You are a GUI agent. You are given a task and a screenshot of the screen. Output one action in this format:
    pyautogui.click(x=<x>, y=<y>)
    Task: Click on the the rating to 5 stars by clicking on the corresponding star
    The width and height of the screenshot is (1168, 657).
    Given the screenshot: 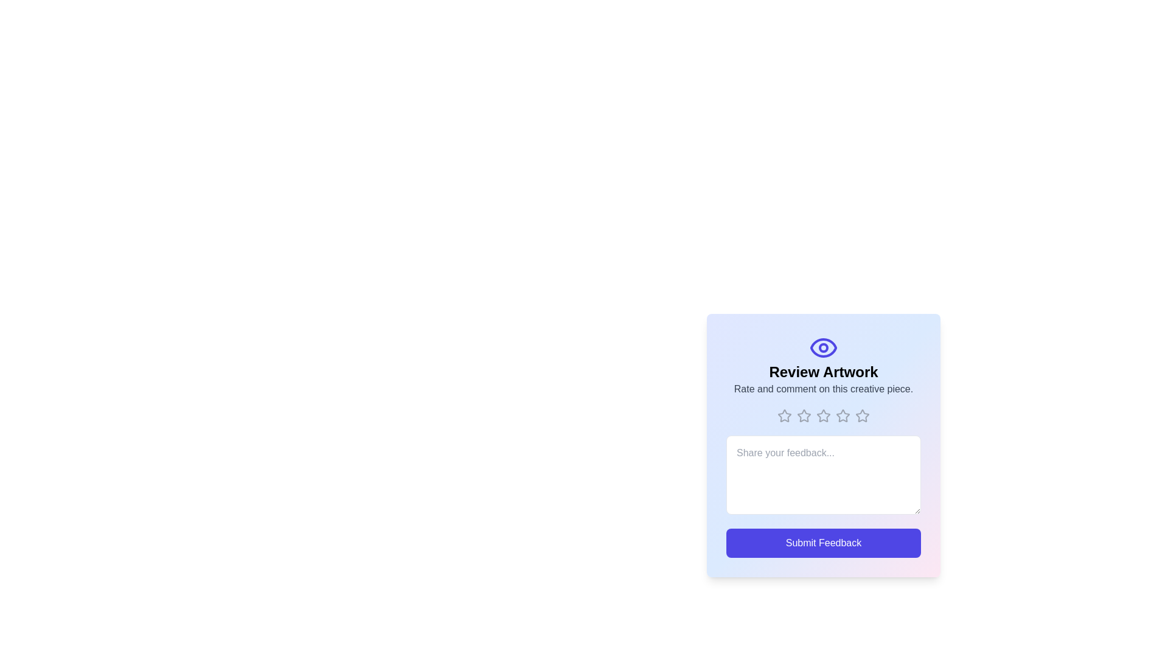 What is the action you would take?
    pyautogui.click(x=861, y=415)
    